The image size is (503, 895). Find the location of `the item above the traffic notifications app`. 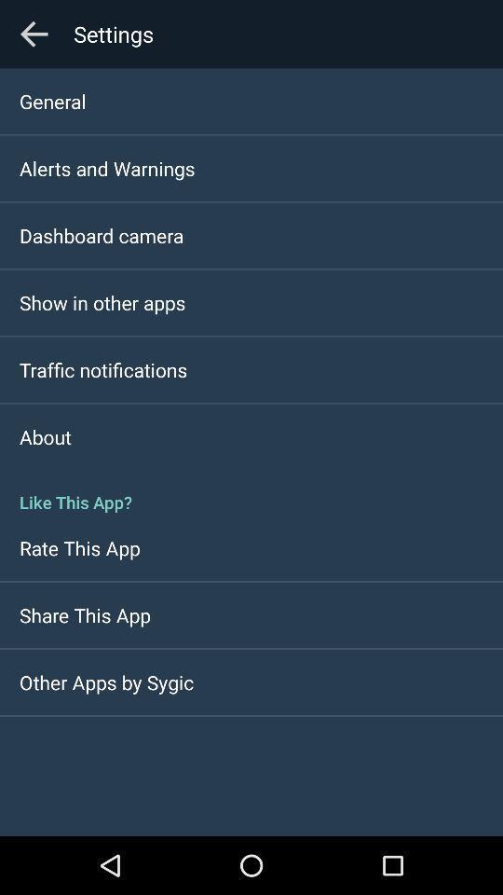

the item above the traffic notifications app is located at coordinates (102, 302).